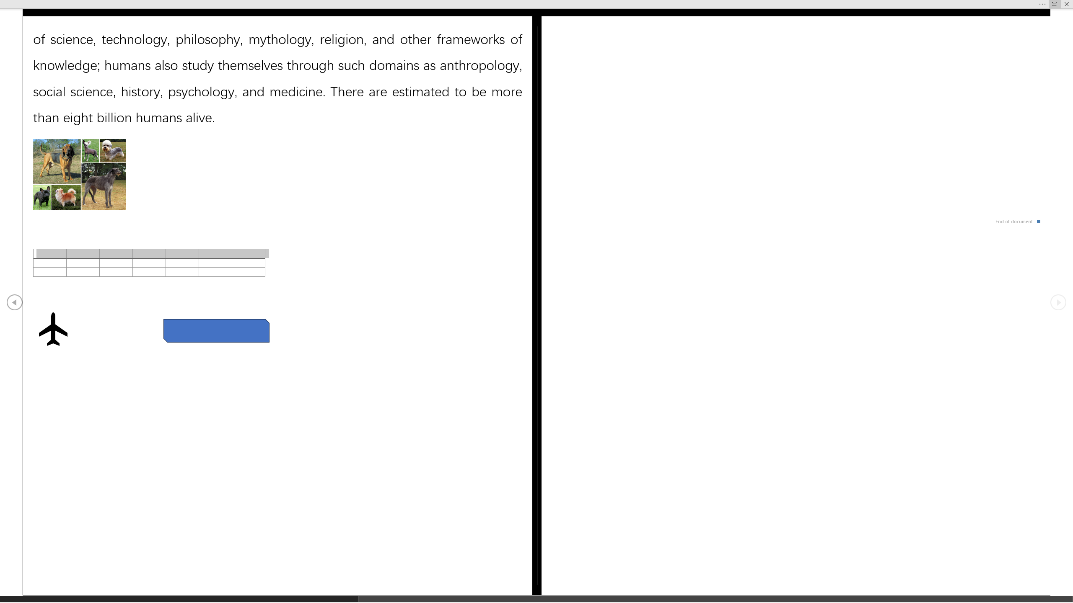 The image size is (1073, 603). I want to click on 'Airplane with solid fill', so click(52, 329).